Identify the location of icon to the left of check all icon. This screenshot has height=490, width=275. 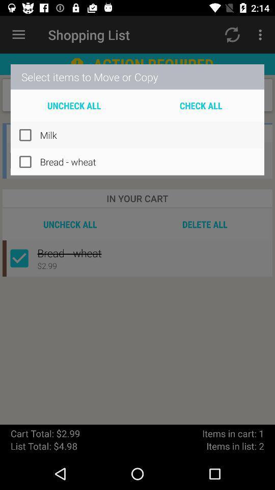
(73, 105).